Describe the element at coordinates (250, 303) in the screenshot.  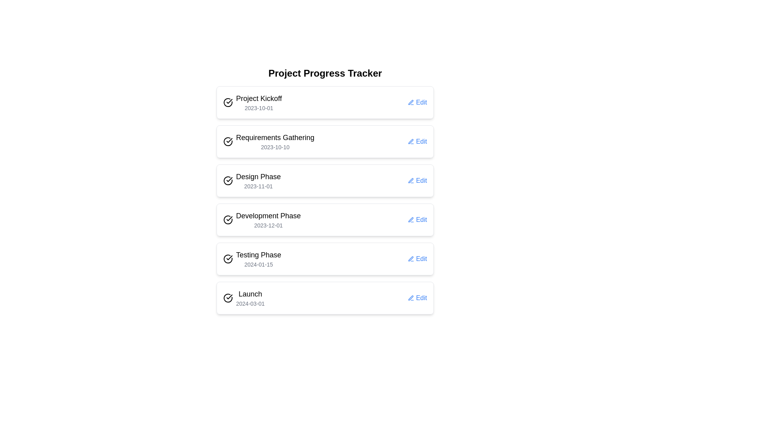
I see `the text label containing the date '2024-03-01' located at the bottom section of the page, beneath the title 'Launch' in the last task card labeled 'Launch'` at that location.